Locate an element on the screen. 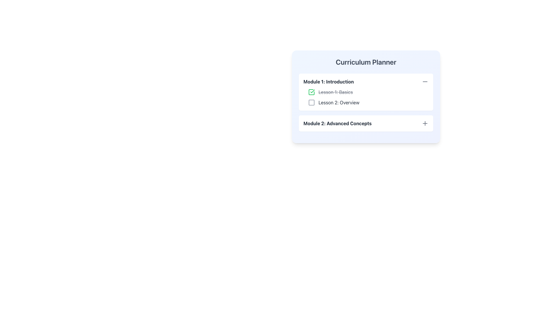  the second square icon with rounded corners, which is positioned to the left of the 'Lesson 2: Overview' text under 'Module 1: Introduction' is located at coordinates (311, 102).